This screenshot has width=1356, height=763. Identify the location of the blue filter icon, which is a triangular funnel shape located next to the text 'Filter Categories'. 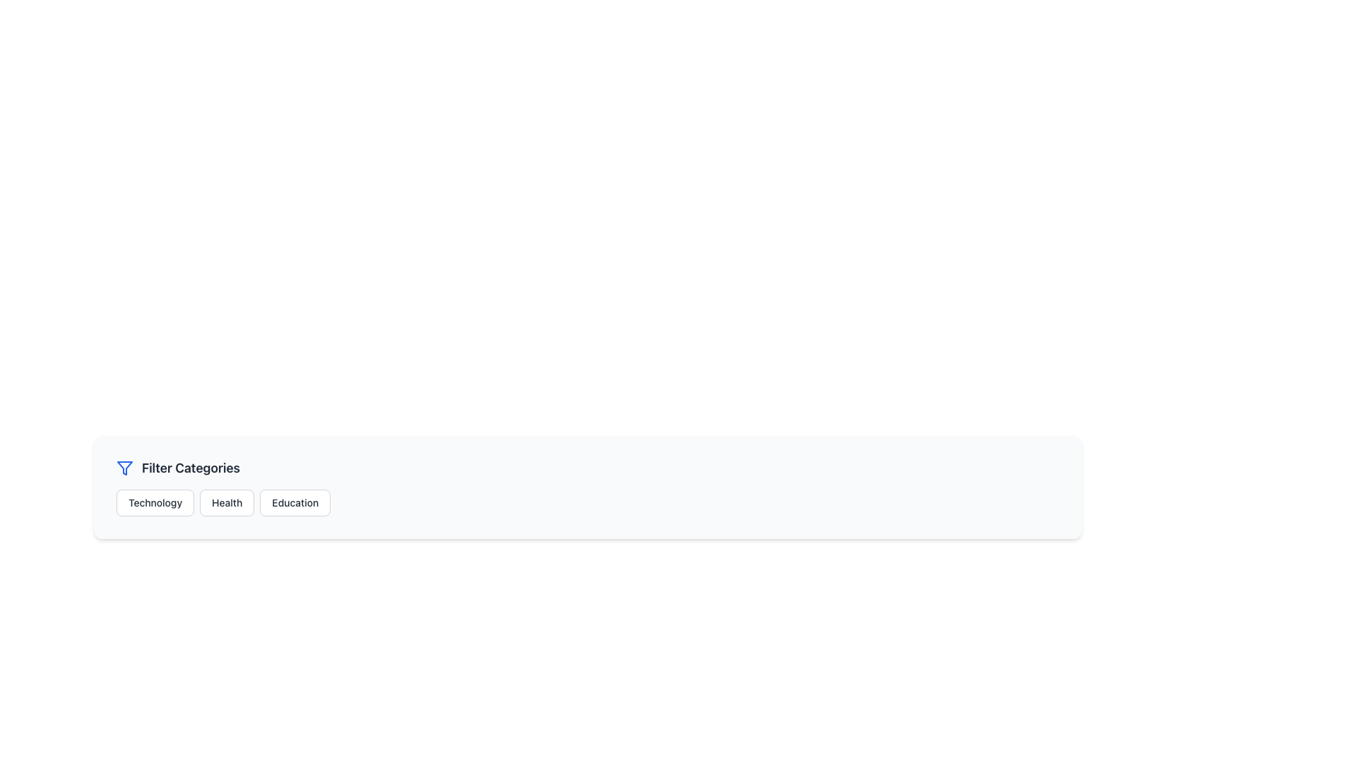
(125, 468).